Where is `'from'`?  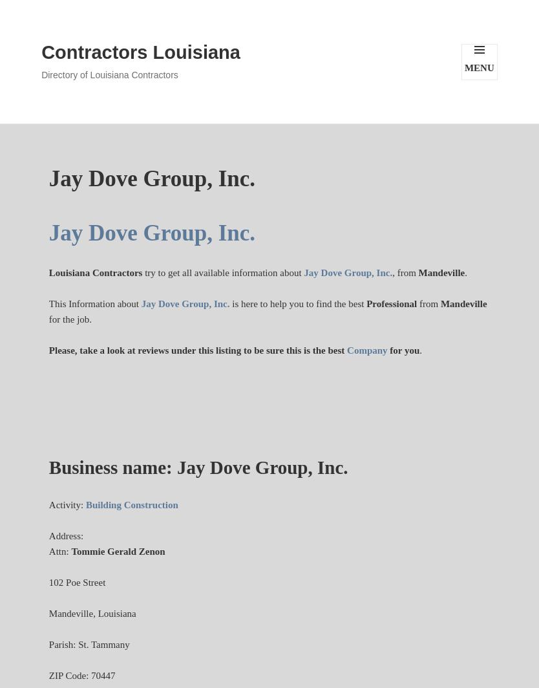 'from' is located at coordinates (428, 303).